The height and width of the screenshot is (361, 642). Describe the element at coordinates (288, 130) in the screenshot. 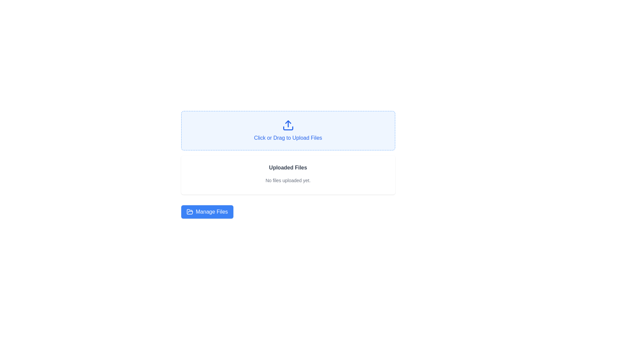

I see `the Drag-and-drop upload zone, which is a rectangular box with rounded corners, light blue background, and dashed blue border` at that location.